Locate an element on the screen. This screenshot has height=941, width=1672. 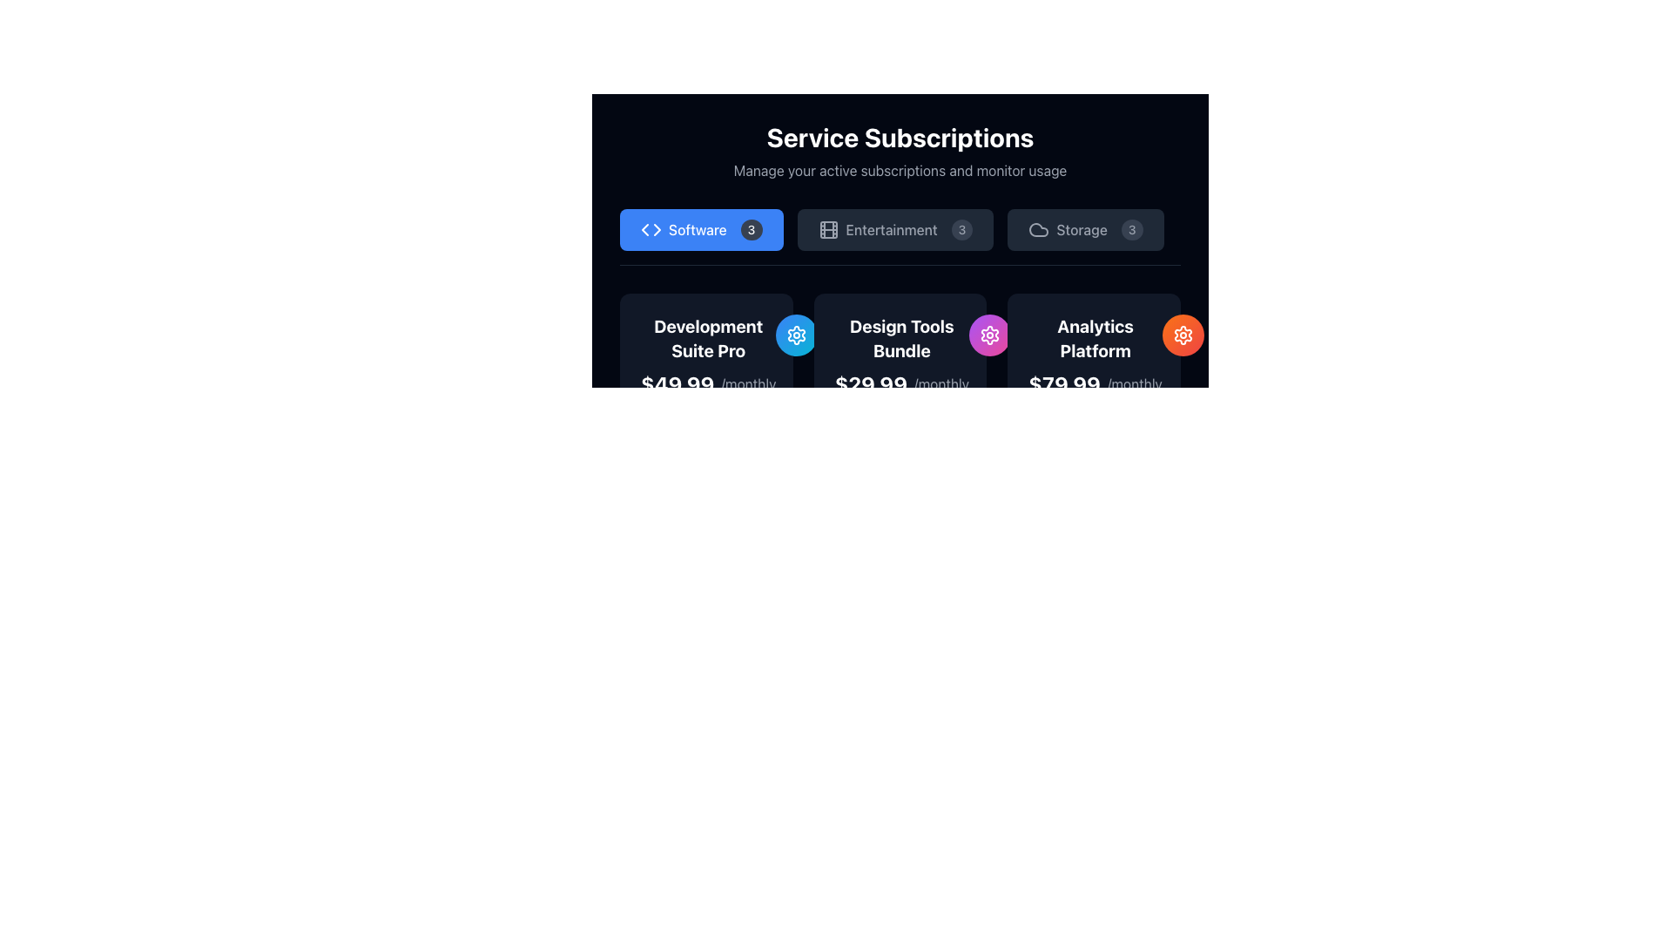
the gear-shaped icon located in the bottom right corner of the Analytics Platform box within the Service Subscriptions section is located at coordinates (990, 335).